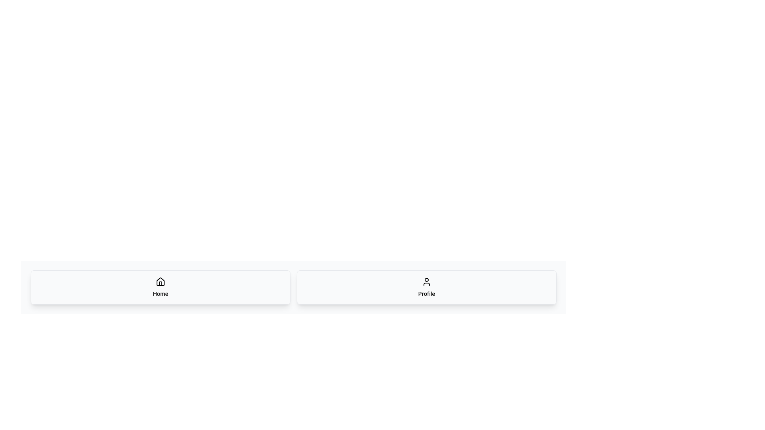 This screenshot has width=765, height=430. What do you see at coordinates (160, 283) in the screenshot?
I see `the doorway vector graphic inside the house icon, which is located in the central portion of the house icon on the left side of the navigation bar above the 'Home' label` at bounding box center [160, 283].